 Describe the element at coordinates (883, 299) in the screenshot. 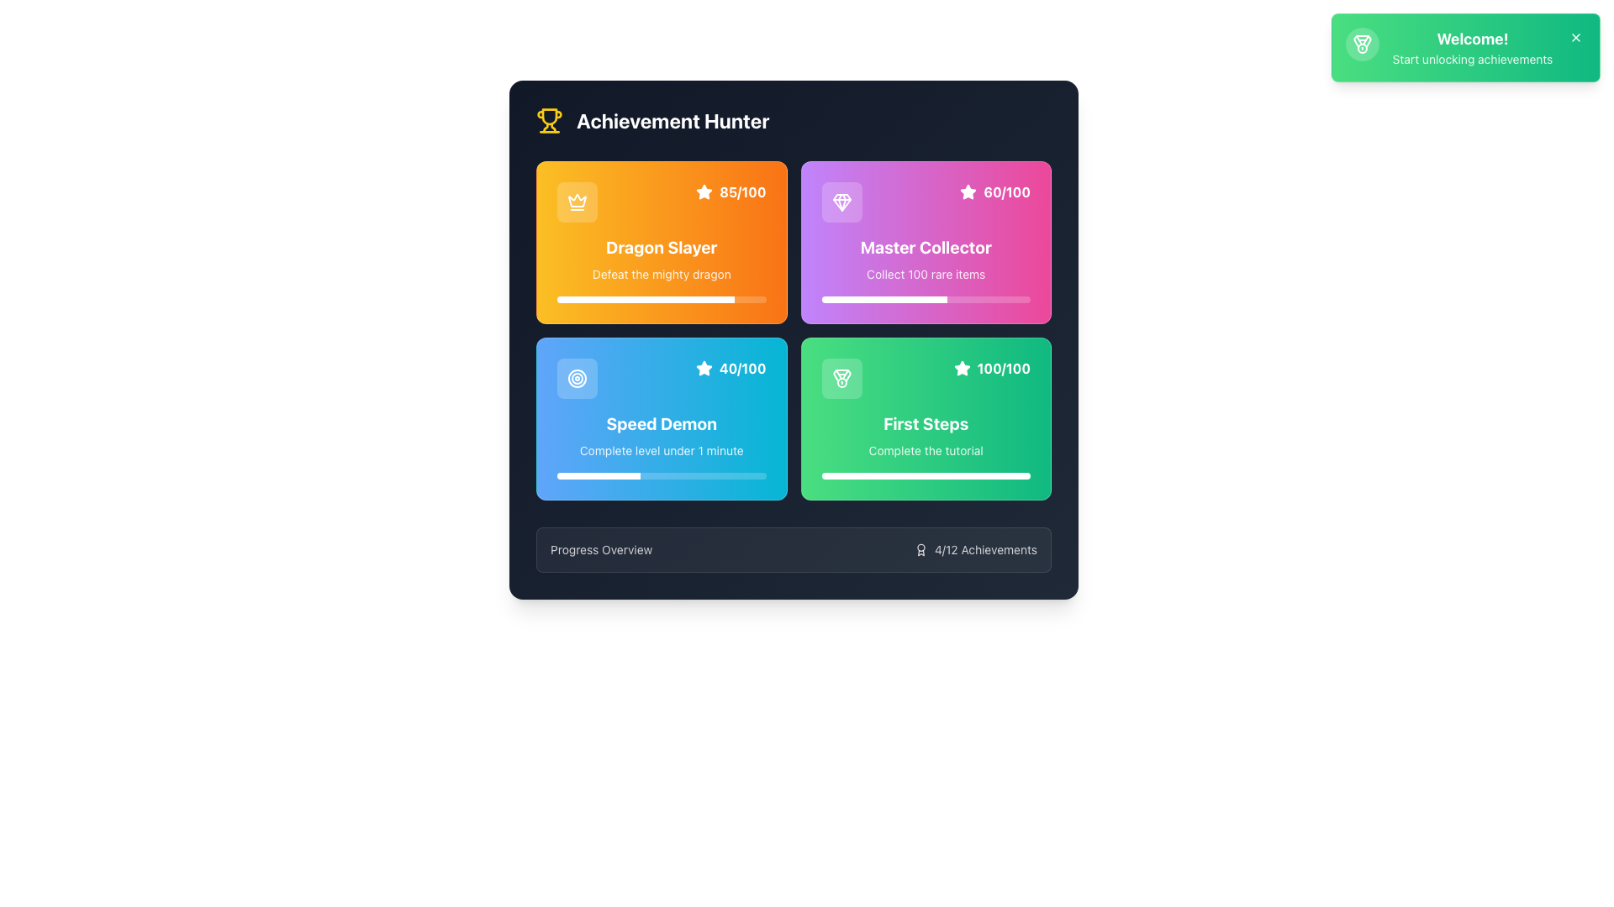

I see `the progress status visually on the partially filled progress bar located within the pink card labeled 'Master Collector.'` at that location.